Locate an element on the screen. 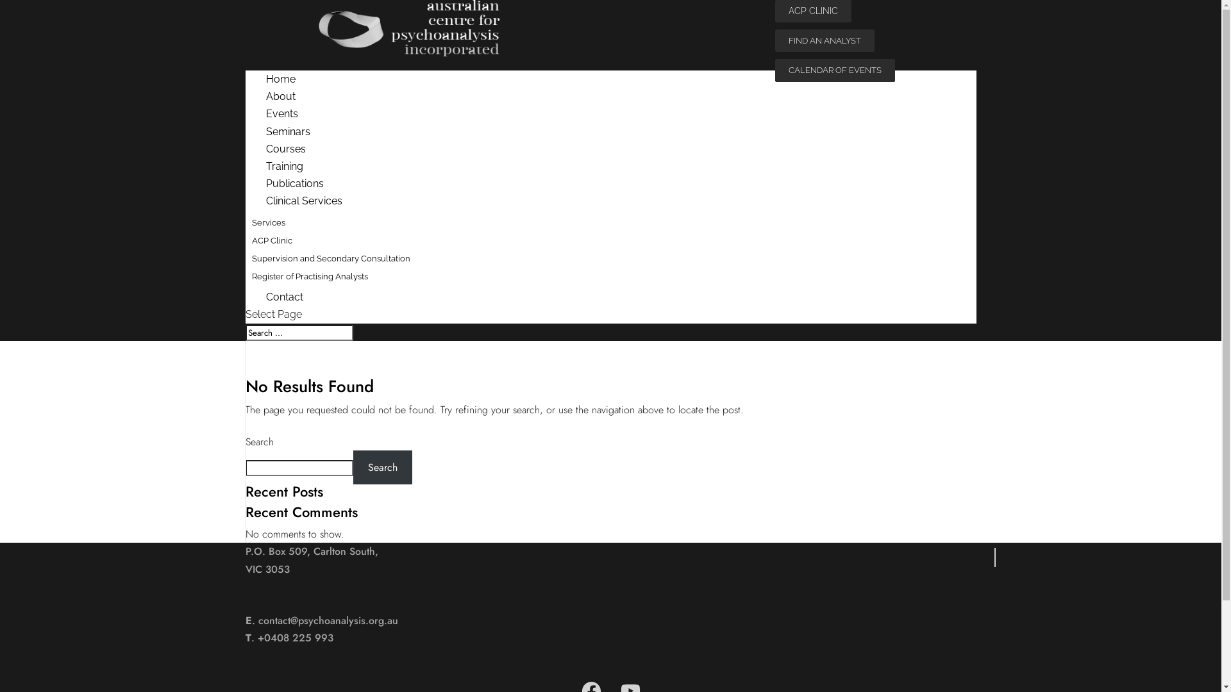 This screenshot has width=1231, height=692. 'Supervision and Secondary Consultation' is located at coordinates (331, 258).